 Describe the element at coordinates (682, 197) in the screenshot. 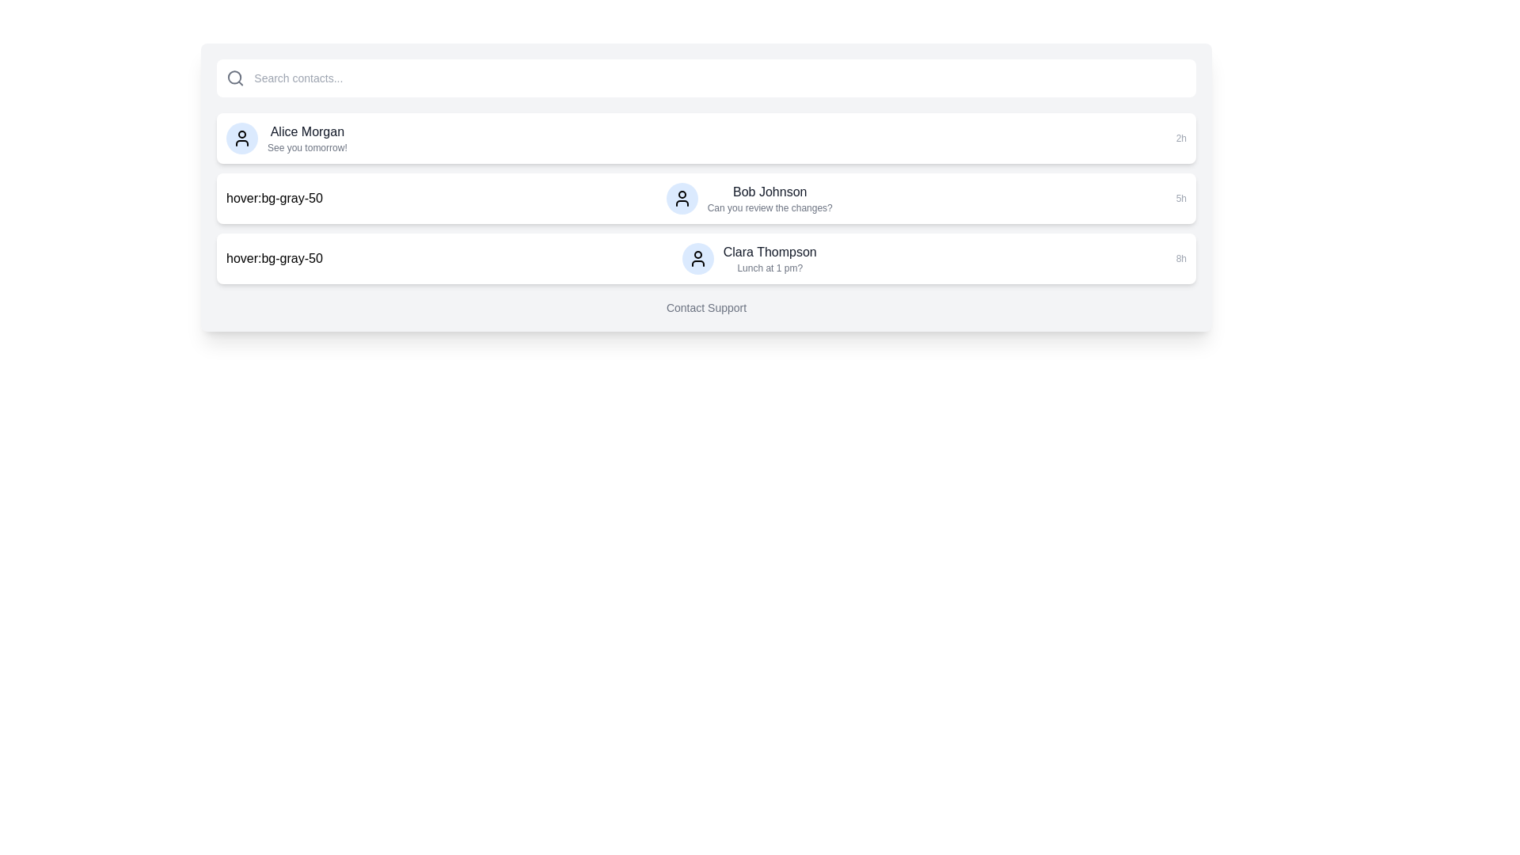

I see `the Icon button representing the user 'Bob Johnson', located to the left of the text 'Bob Johnson' and above the message 'Can you review the changes?'` at that location.